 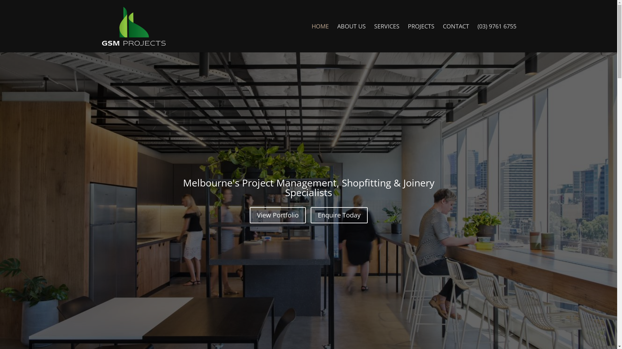 I want to click on 'Enquire Today', so click(x=339, y=215).